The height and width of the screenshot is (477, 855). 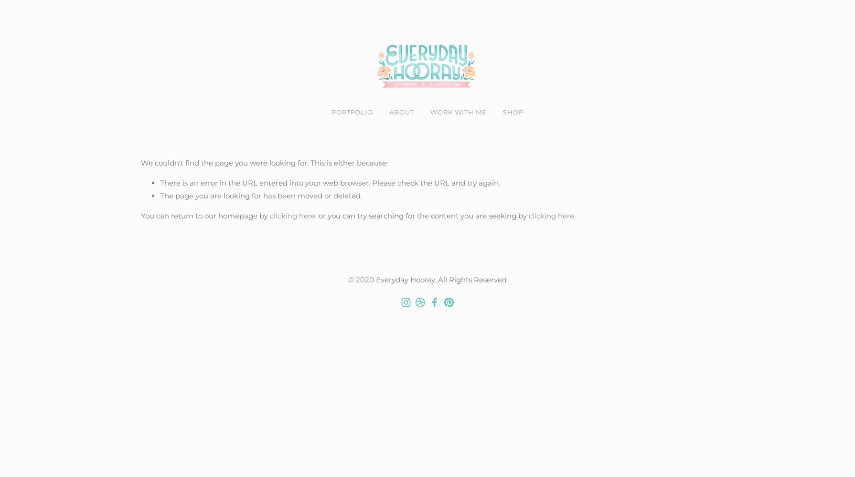 What do you see at coordinates (264, 162) in the screenshot?
I see `'We couldn't find the page you were looking for. This is either because:'` at bounding box center [264, 162].